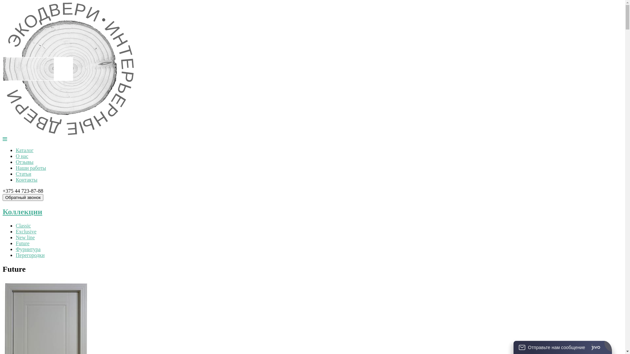  Describe the element at coordinates (26, 231) in the screenshot. I see `'Exclusive'` at that location.